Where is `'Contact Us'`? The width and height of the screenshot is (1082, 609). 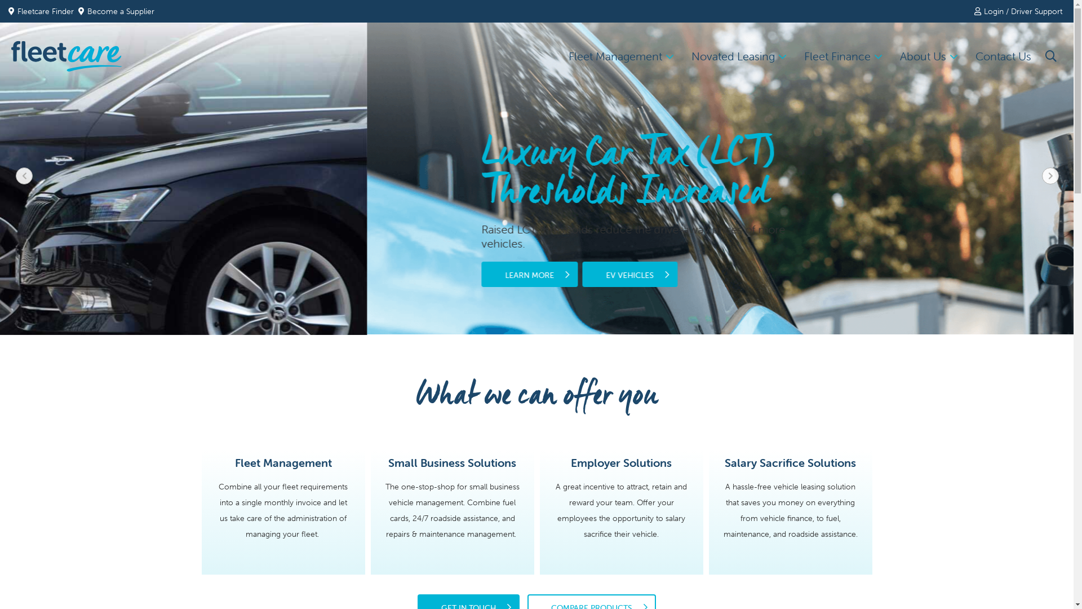 'Contact Us' is located at coordinates (1003, 56).